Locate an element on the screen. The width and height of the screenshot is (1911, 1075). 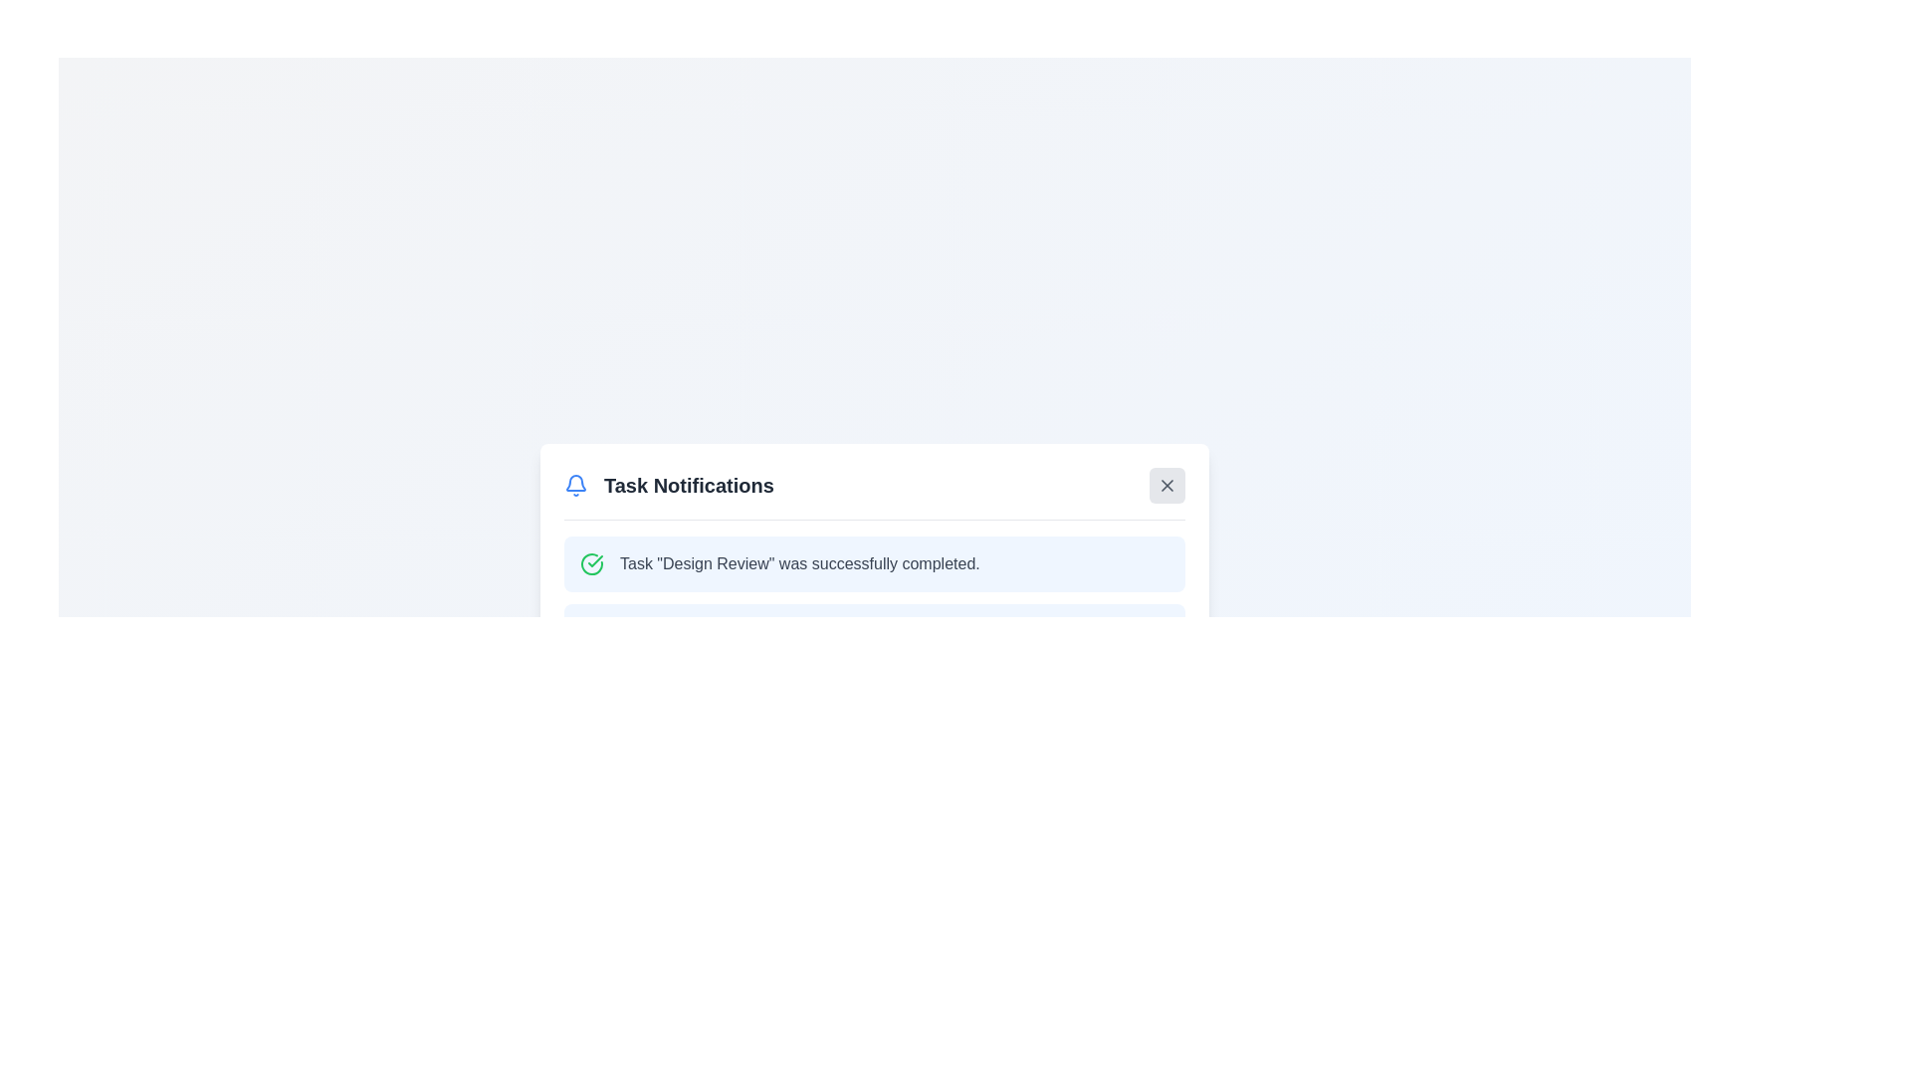
the small green checkmark icon within the circular outline, which indicates successful completion in the notification component is located at coordinates (594, 560).